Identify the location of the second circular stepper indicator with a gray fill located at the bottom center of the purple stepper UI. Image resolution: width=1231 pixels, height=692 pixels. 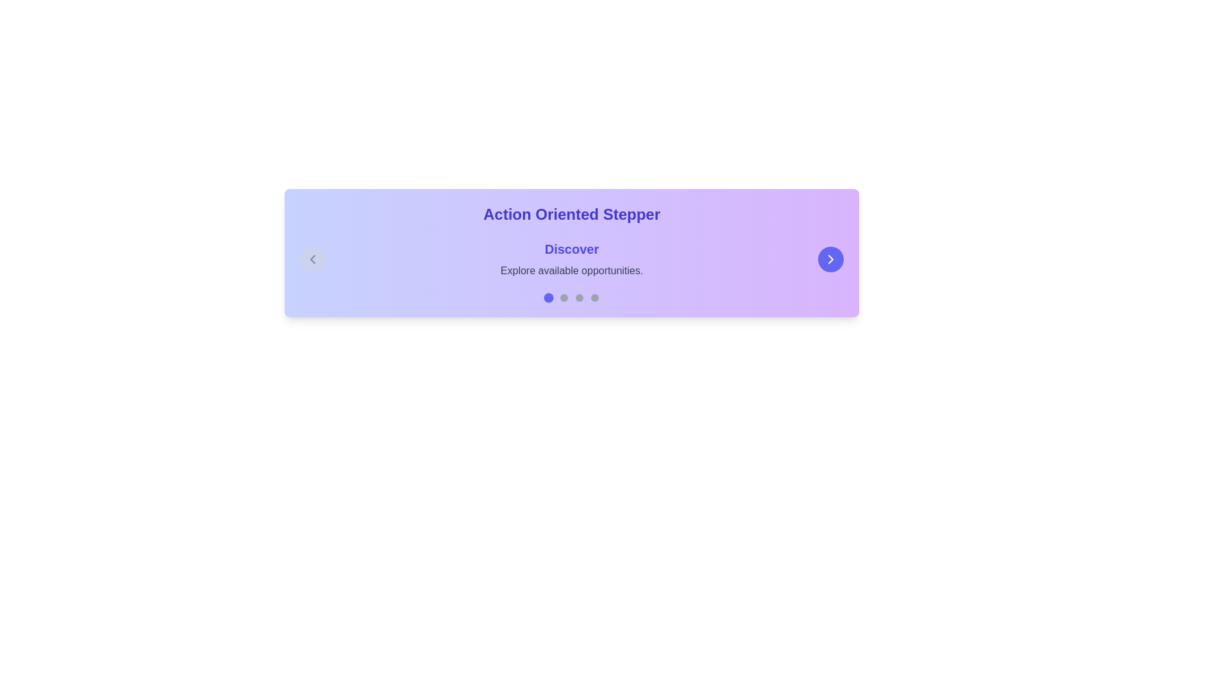
(564, 298).